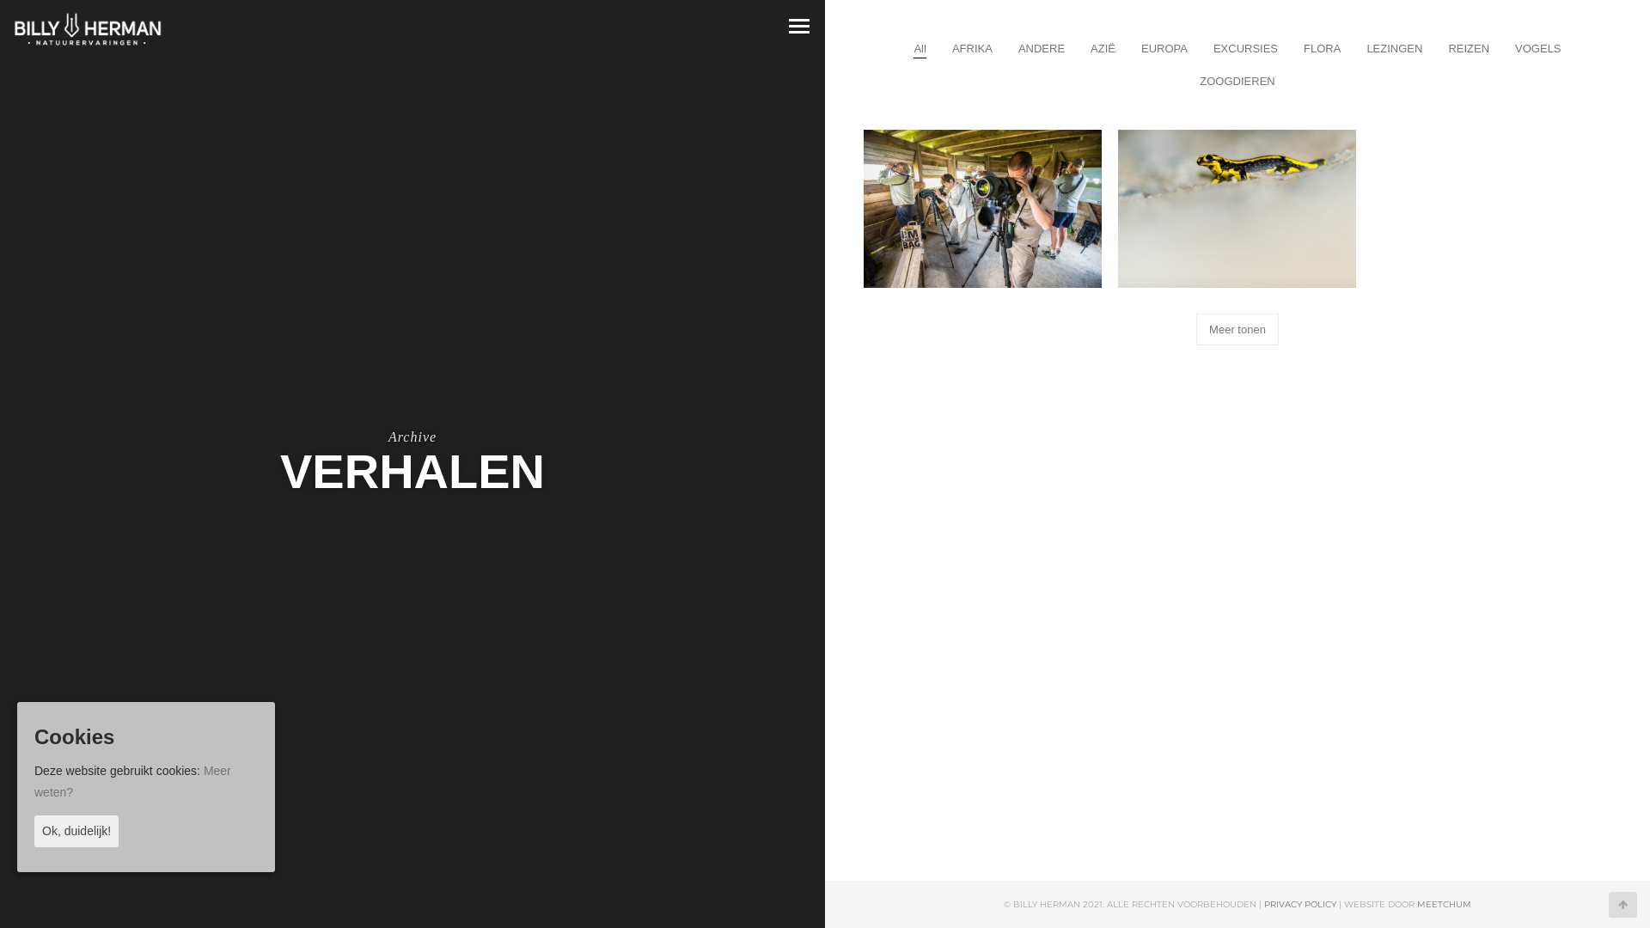  What do you see at coordinates (1237, 329) in the screenshot?
I see `'Meer tonen'` at bounding box center [1237, 329].